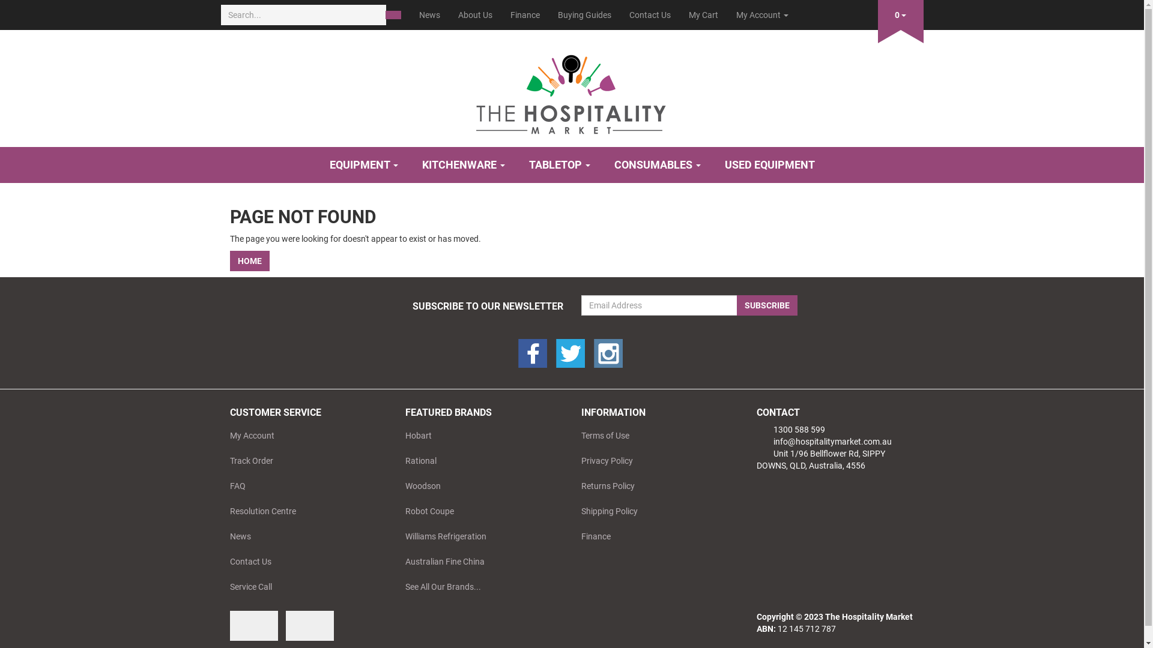 The image size is (1153, 648). What do you see at coordinates (572, 89) in the screenshot?
I see `'The Hospitality Market'` at bounding box center [572, 89].